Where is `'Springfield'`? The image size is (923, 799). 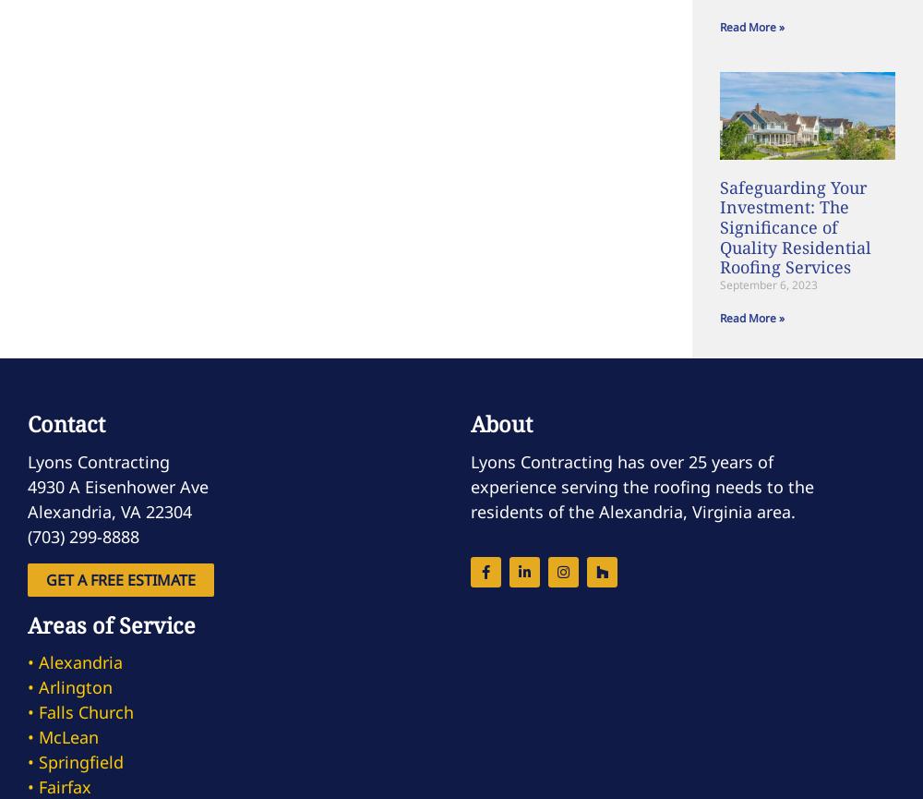 'Springfield' is located at coordinates (80, 761).